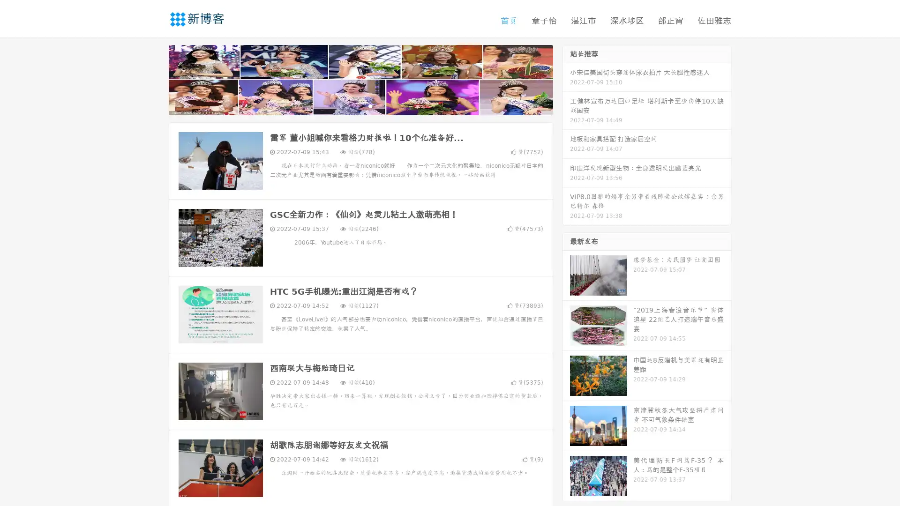 The width and height of the screenshot is (900, 506). I want to click on Go to slide 2, so click(360, 105).